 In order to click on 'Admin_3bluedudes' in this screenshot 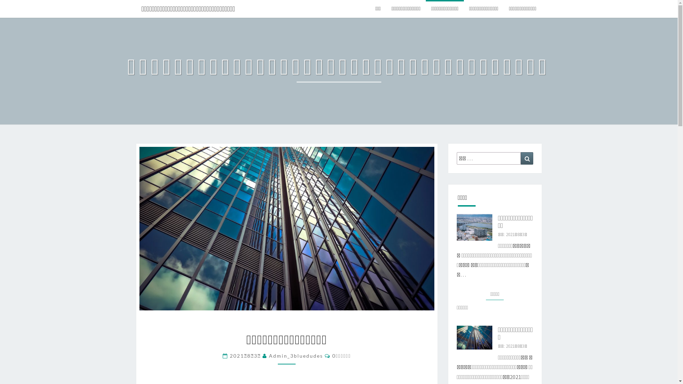, I will do `click(296, 356)`.